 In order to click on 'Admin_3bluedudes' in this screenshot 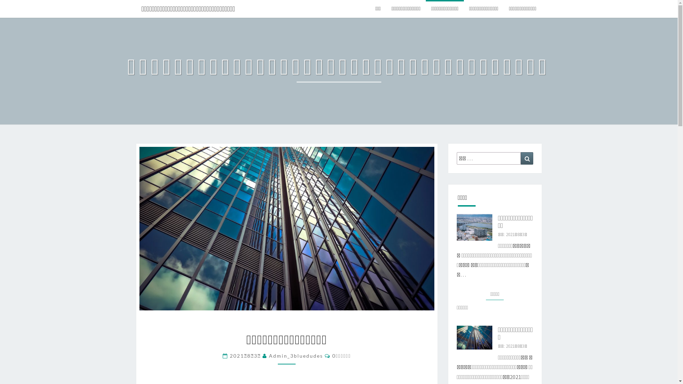, I will do `click(296, 356)`.